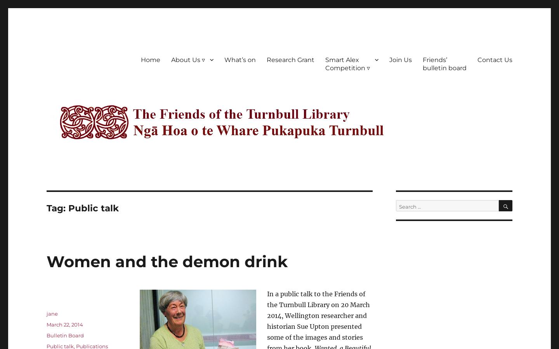 The height and width of the screenshot is (349, 559). Describe the element at coordinates (150, 59) in the screenshot. I see `'Home'` at that location.